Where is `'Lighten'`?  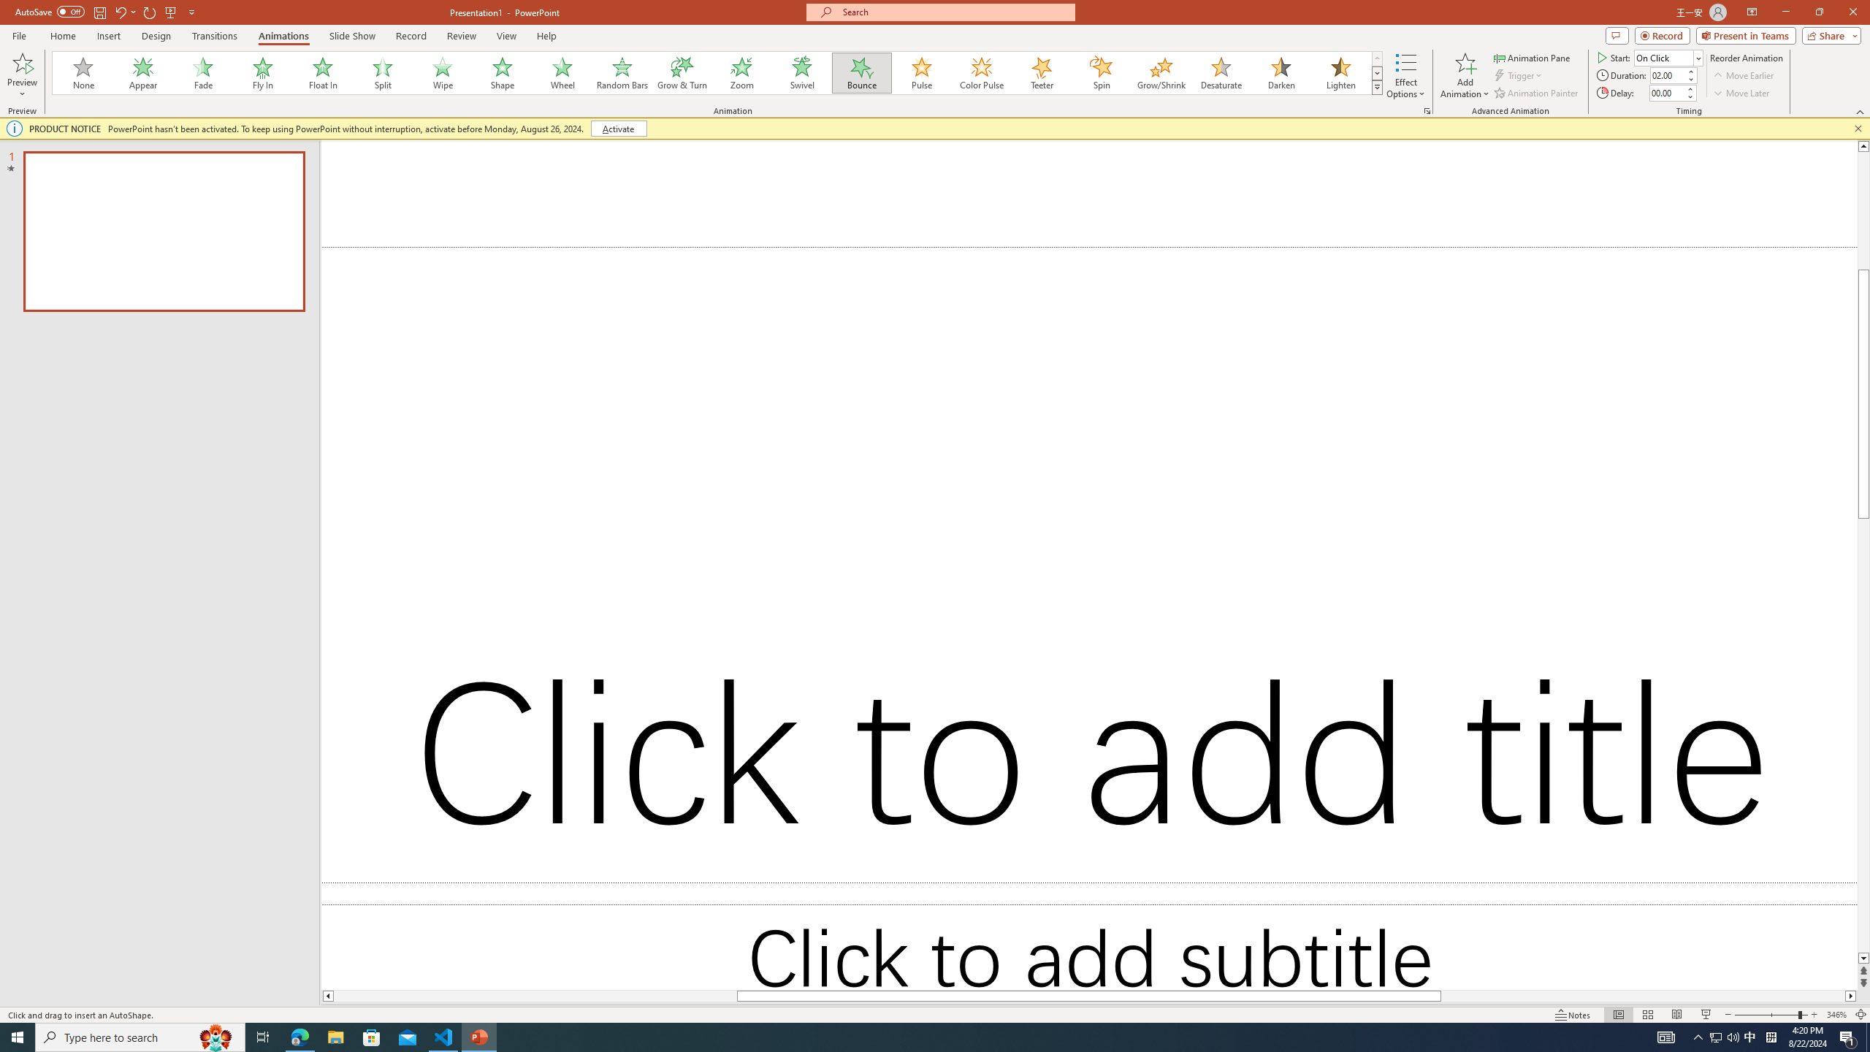
'Lighten' is located at coordinates (1340, 72).